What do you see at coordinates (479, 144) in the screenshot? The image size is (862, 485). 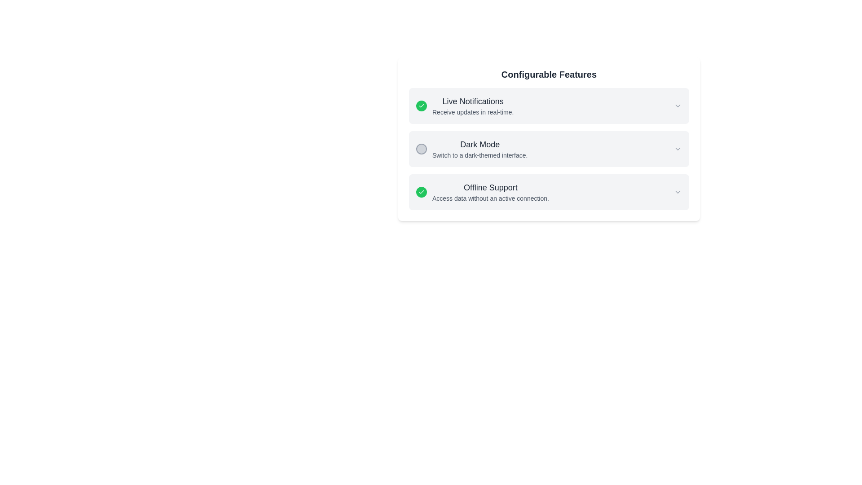 I see `the label that serves as the title for the configuration option, located above the description text 'Switch to a dark-themed interface.' in the second section of the settings list` at bounding box center [479, 144].